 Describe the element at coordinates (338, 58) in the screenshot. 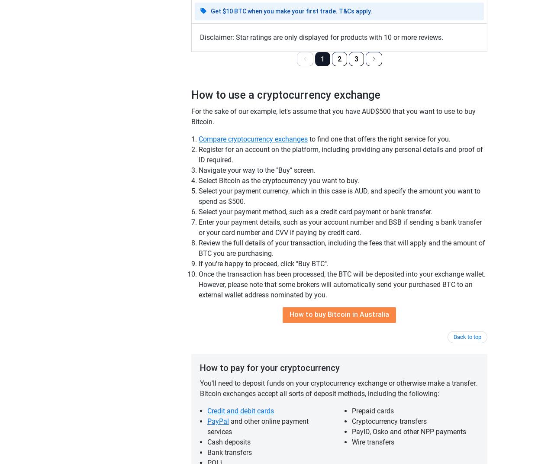

I see `'2'` at that location.